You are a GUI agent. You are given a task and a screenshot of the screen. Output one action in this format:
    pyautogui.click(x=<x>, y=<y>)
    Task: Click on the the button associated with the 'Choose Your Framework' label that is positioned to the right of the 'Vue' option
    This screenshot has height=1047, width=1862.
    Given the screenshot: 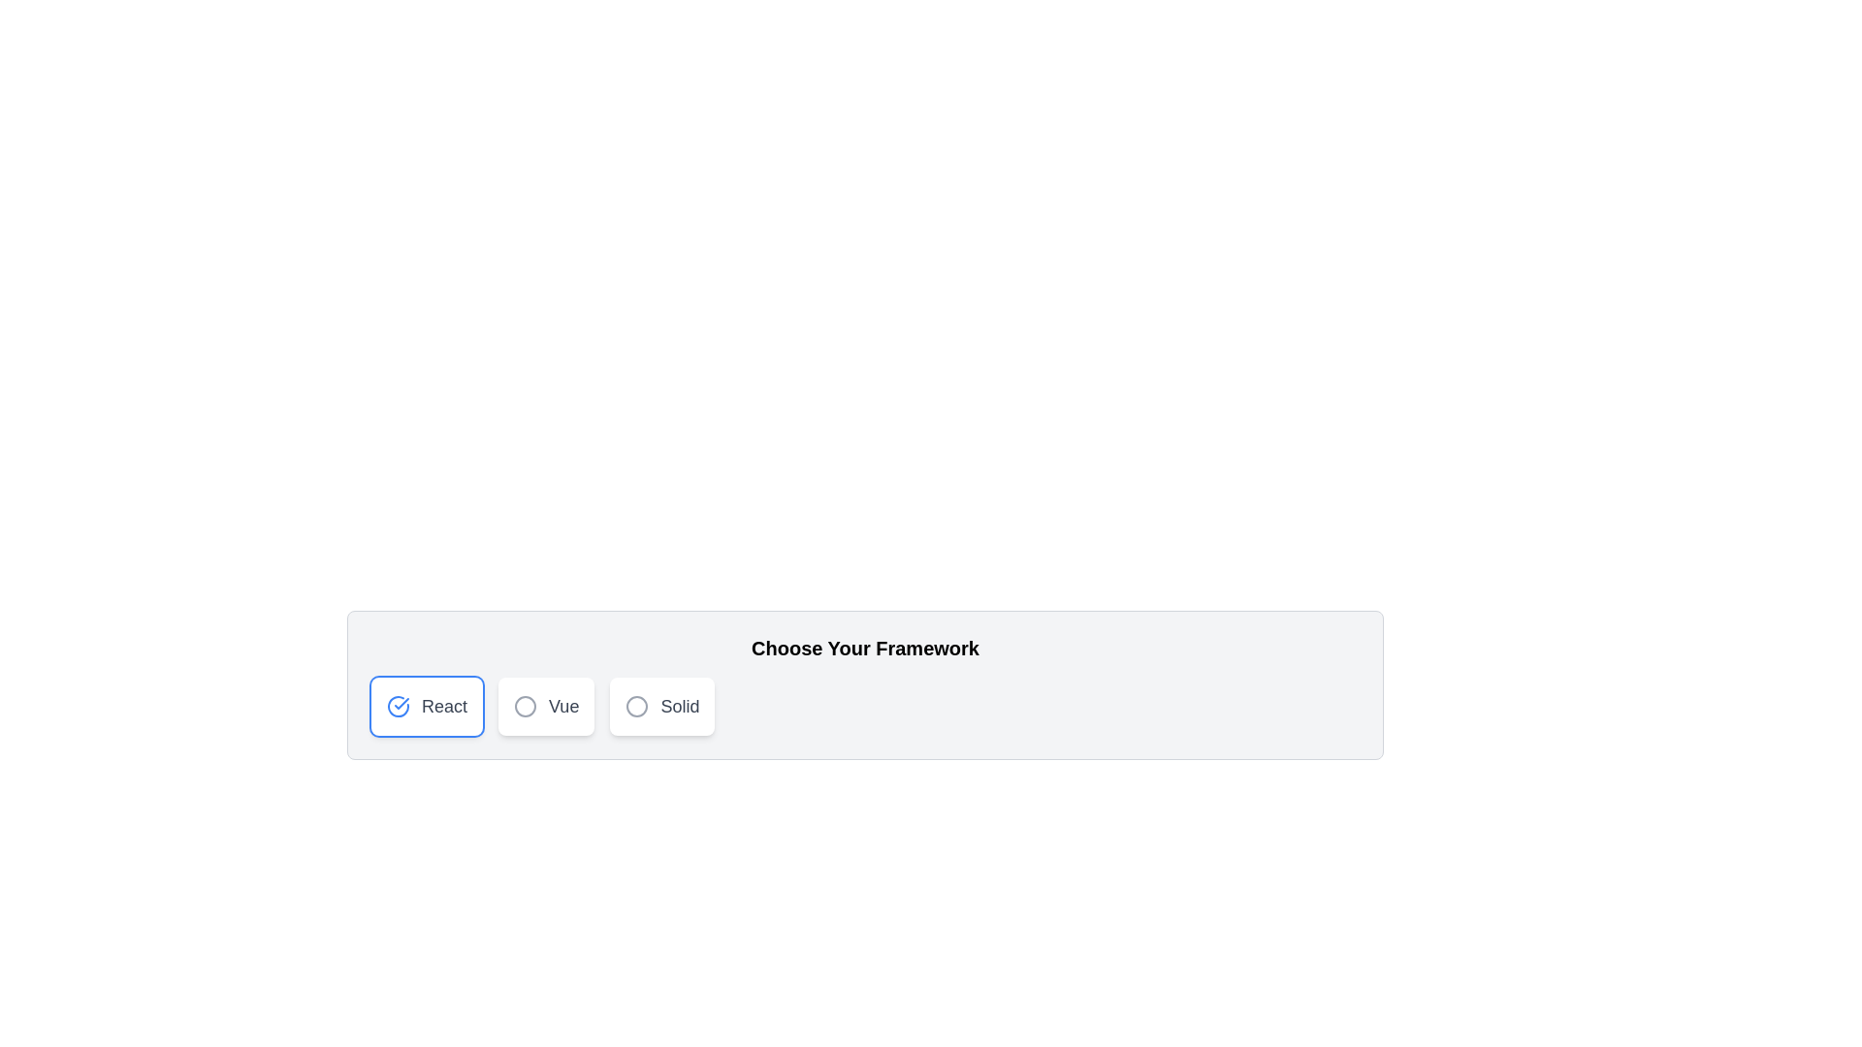 What is the action you would take?
    pyautogui.click(x=680, y=707)
    